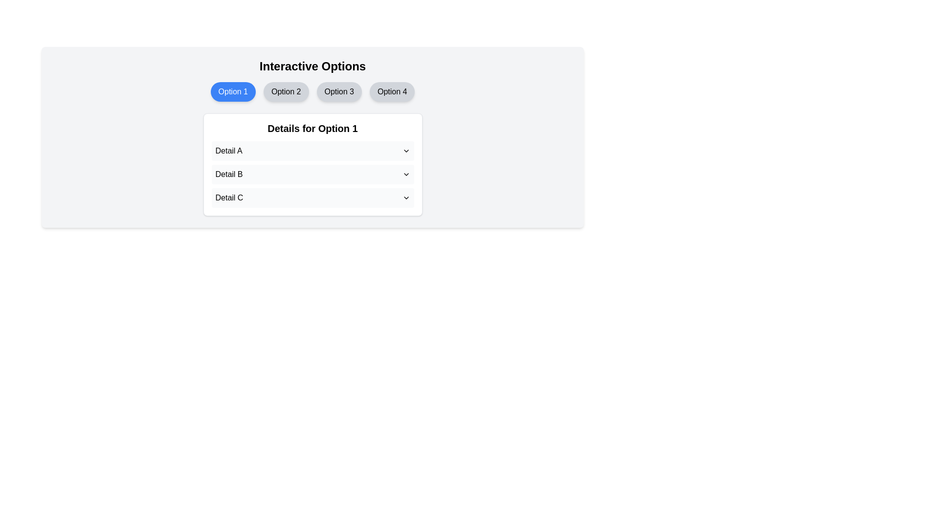 This screenshot has height=528, width=939. Describe the element at coordinates (312, 174) in the screenshot. I see `the second item in the dropdown list labeled 'Detail B'` at that location.